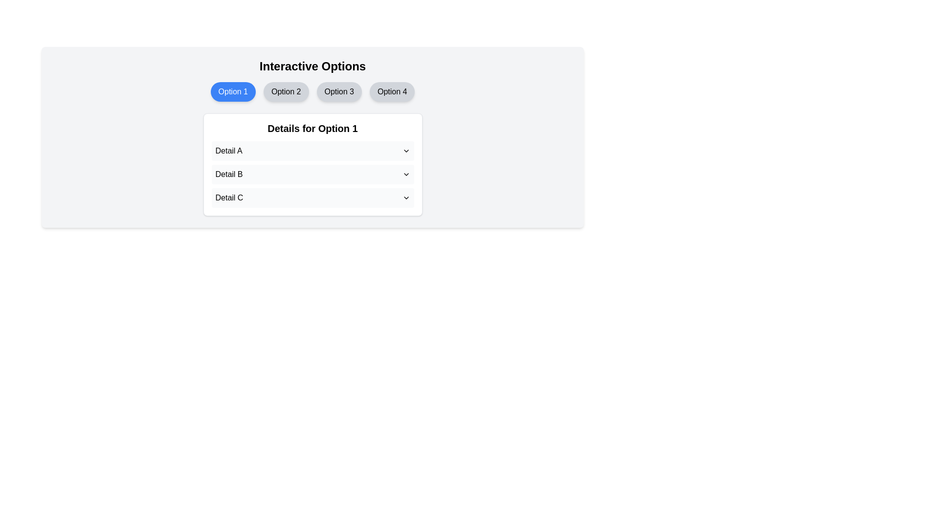 This screenshot has height=528, width=939. Describe the element at coordinates (312, 174) in the screenshot. I see `the second item in the dropdown list labeled 'Detail B'` at that location.